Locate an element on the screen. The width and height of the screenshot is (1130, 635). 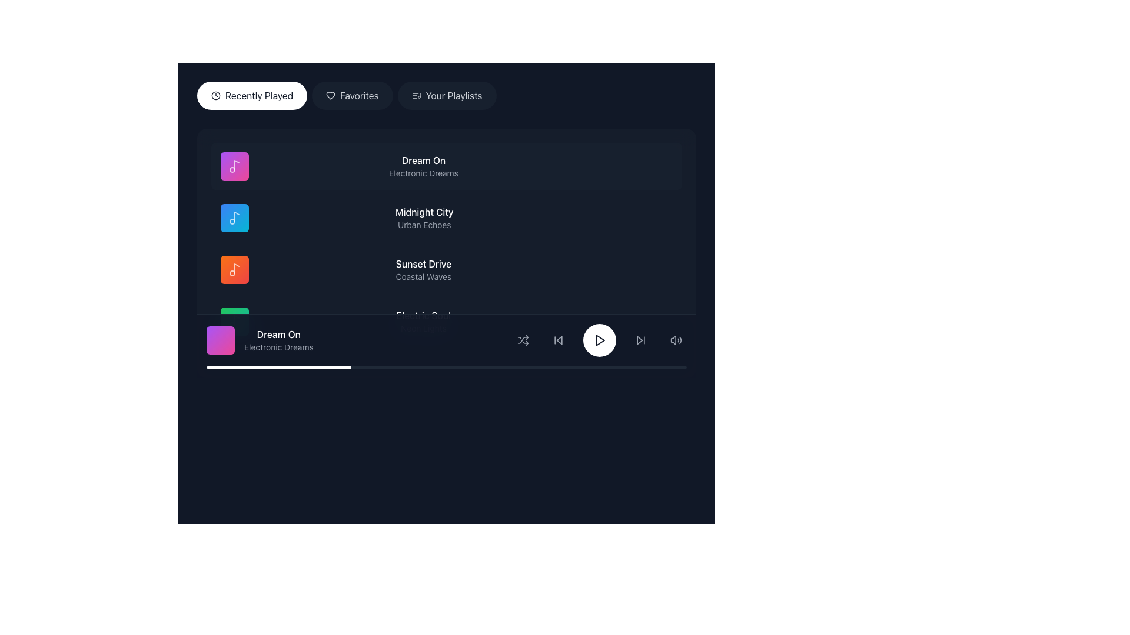
the volume control icon button located in the bottom-right corner of the music player interface is located at coordinates (676, 340).